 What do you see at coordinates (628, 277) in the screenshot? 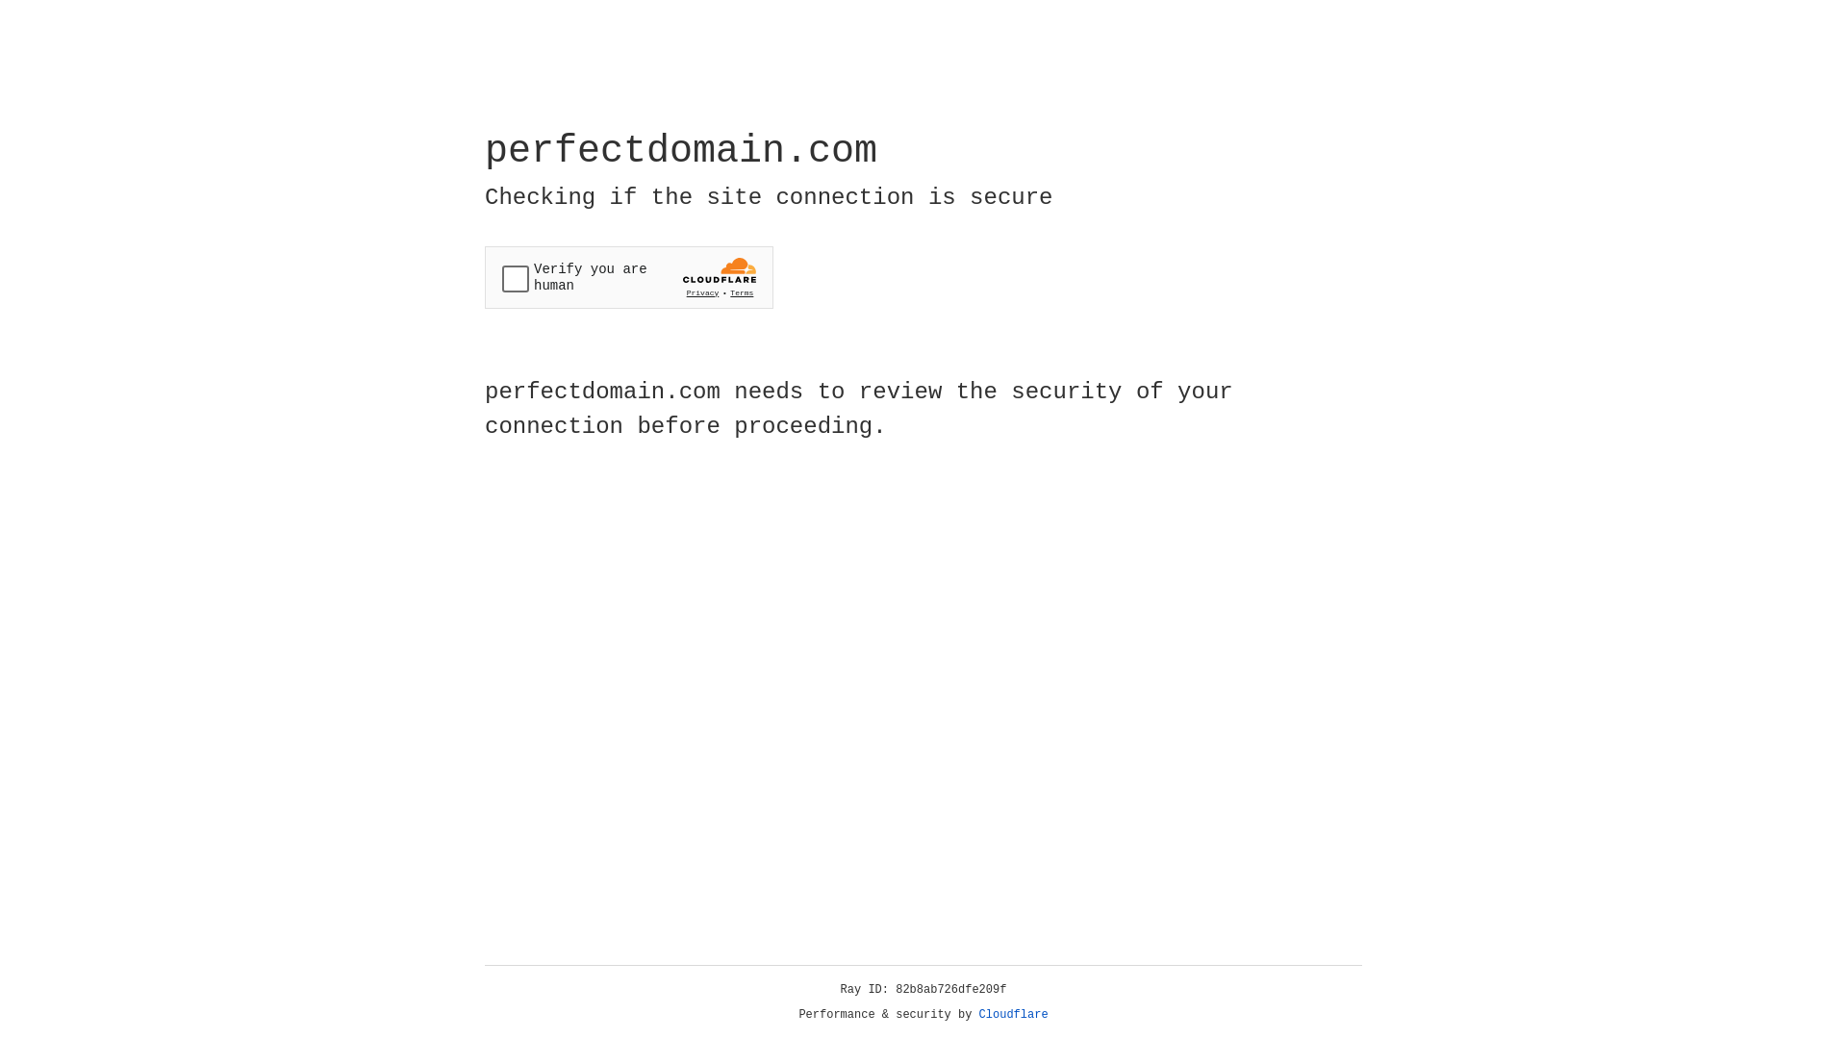
I see `'Widget containing a Cloudflare security challenge'` at bounding box center [628, 277].